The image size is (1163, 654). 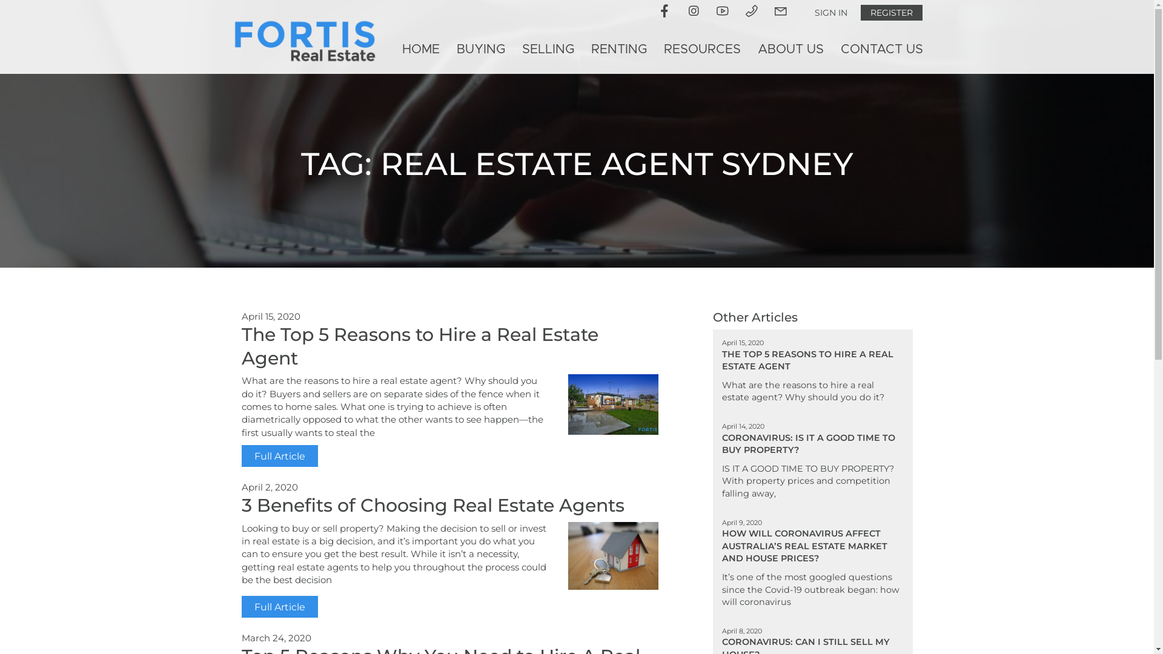 I want to click on 'SIGN IN', so click(x=830, y=12).